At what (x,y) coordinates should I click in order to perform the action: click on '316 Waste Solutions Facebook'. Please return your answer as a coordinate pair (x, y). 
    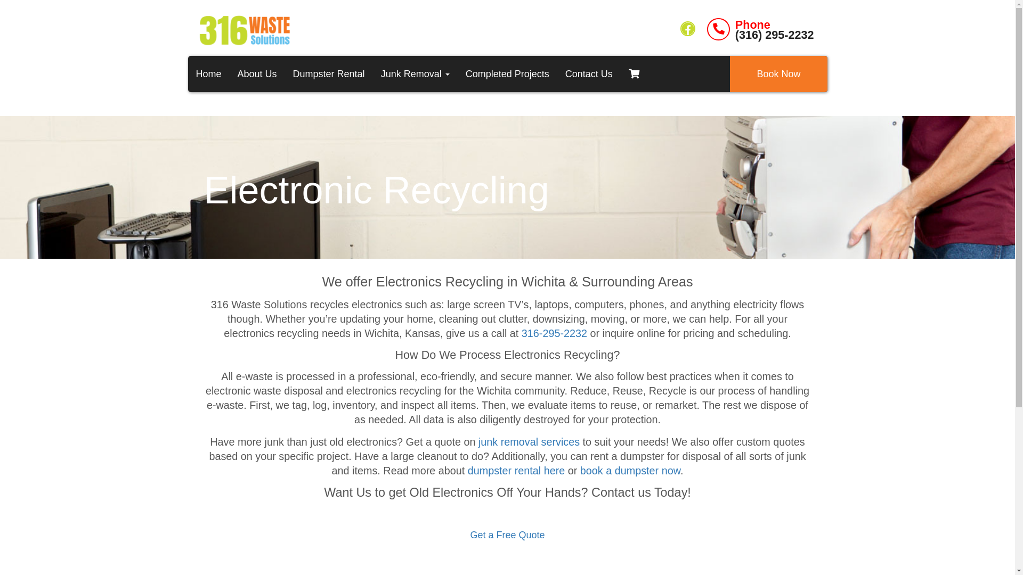
    Looking at the image, I should click on (688, 28).